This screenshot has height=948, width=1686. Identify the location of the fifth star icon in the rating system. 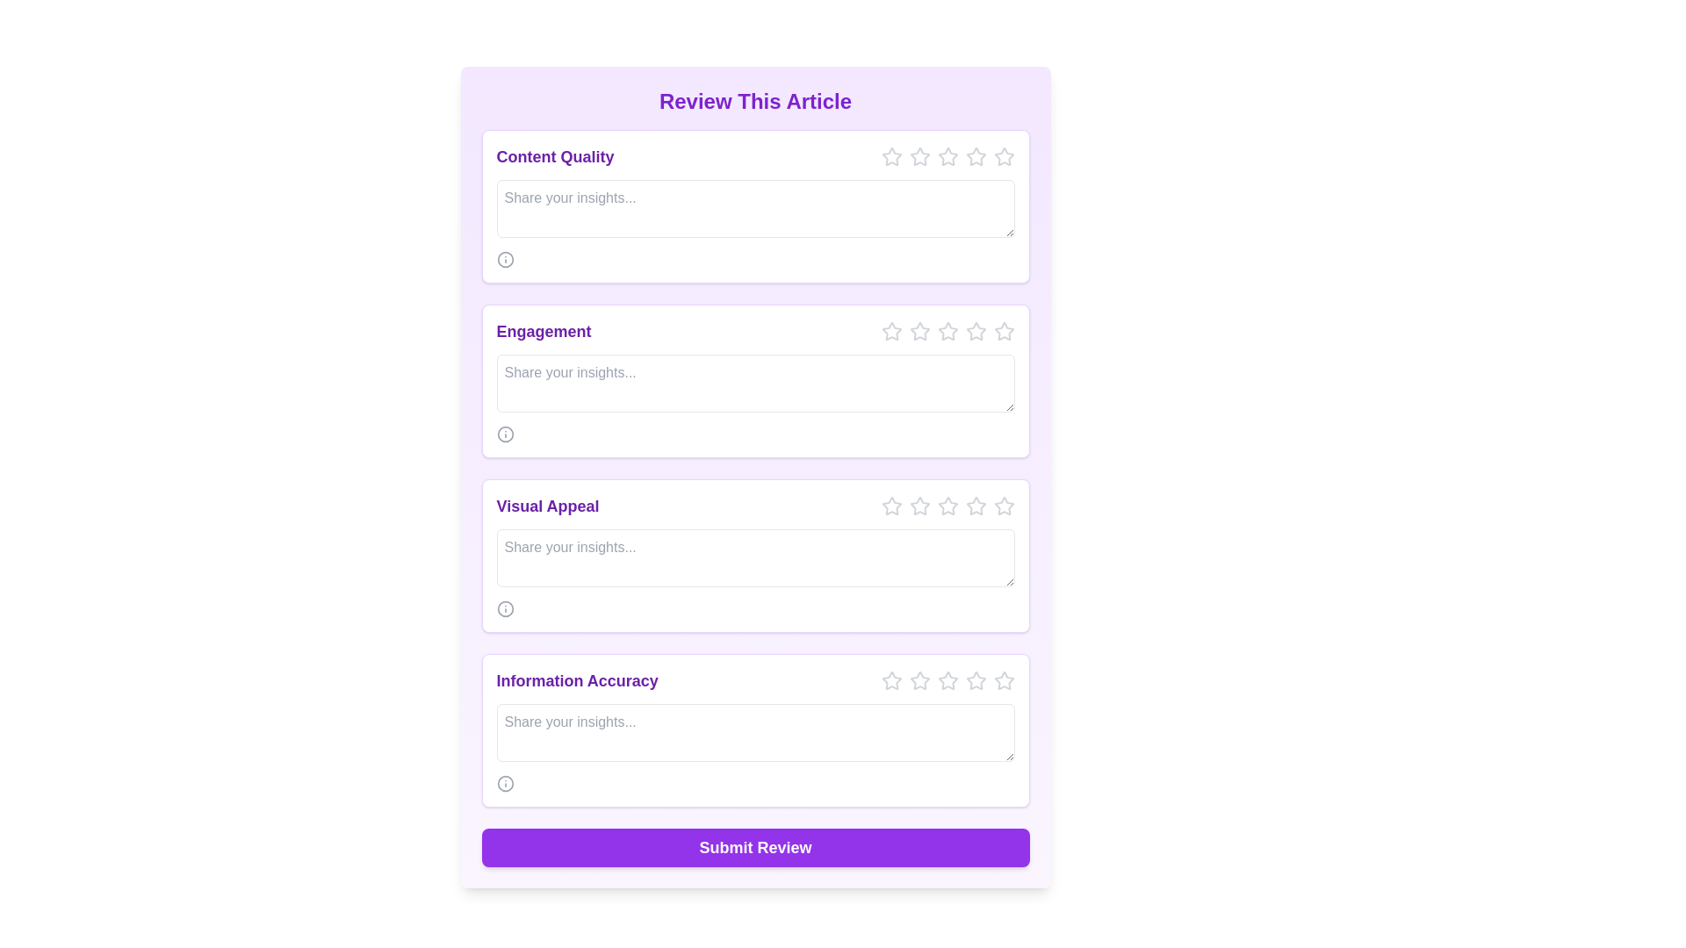
(1004, 506).